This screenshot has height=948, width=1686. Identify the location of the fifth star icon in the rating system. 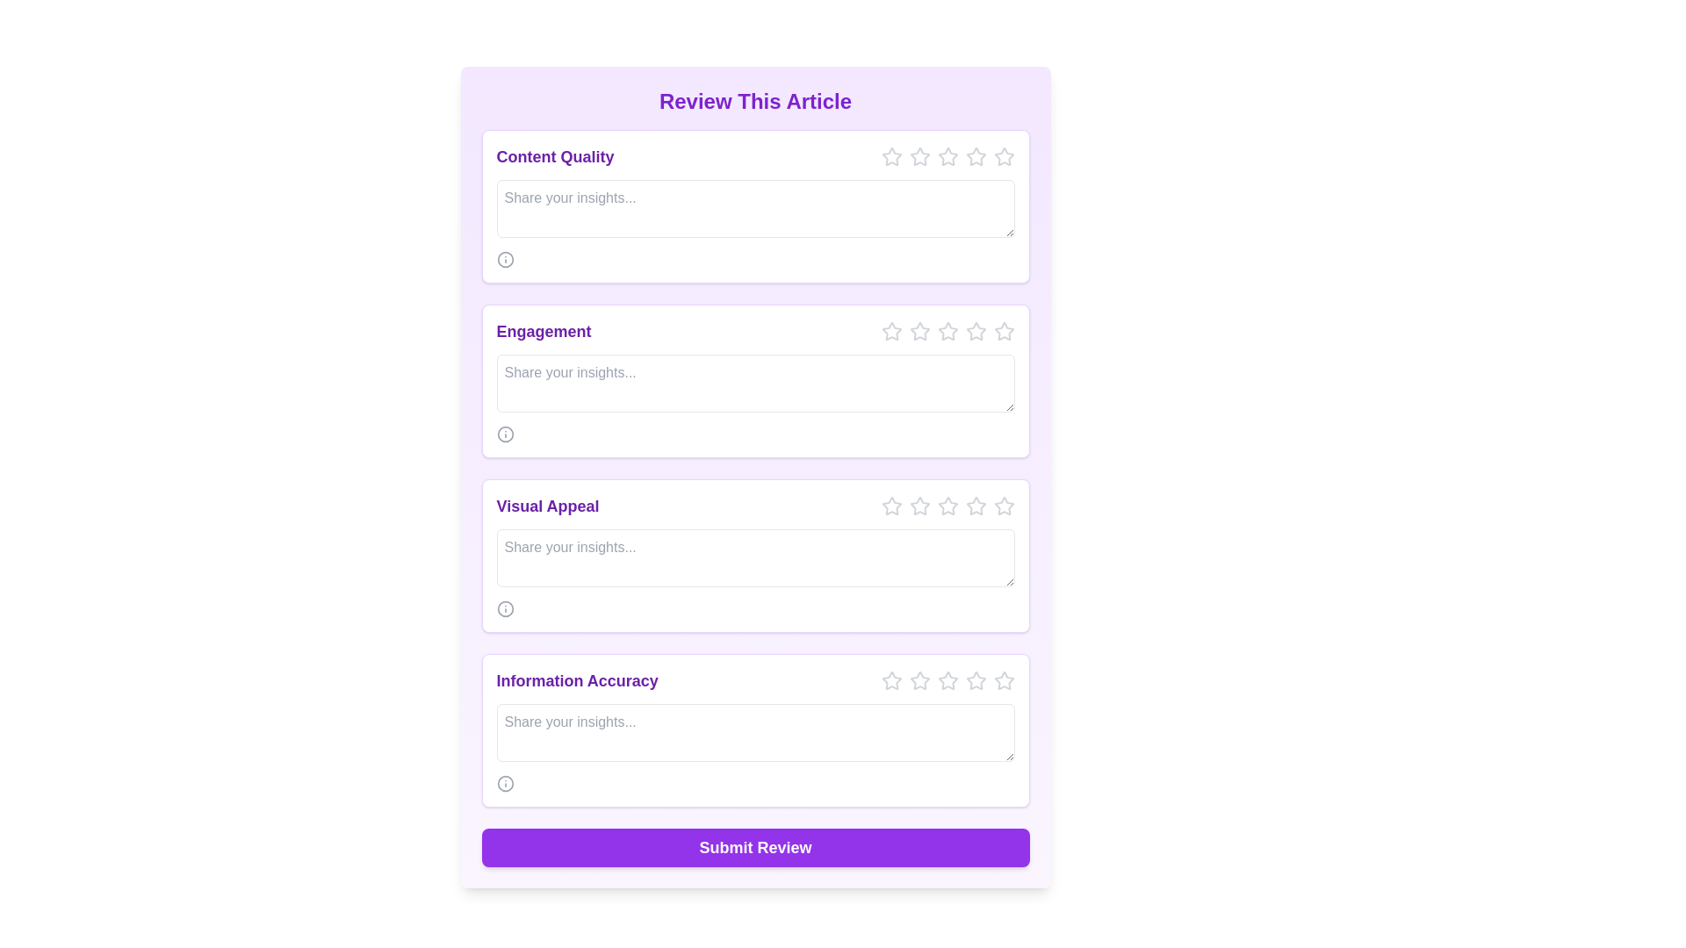
(1004, 506).